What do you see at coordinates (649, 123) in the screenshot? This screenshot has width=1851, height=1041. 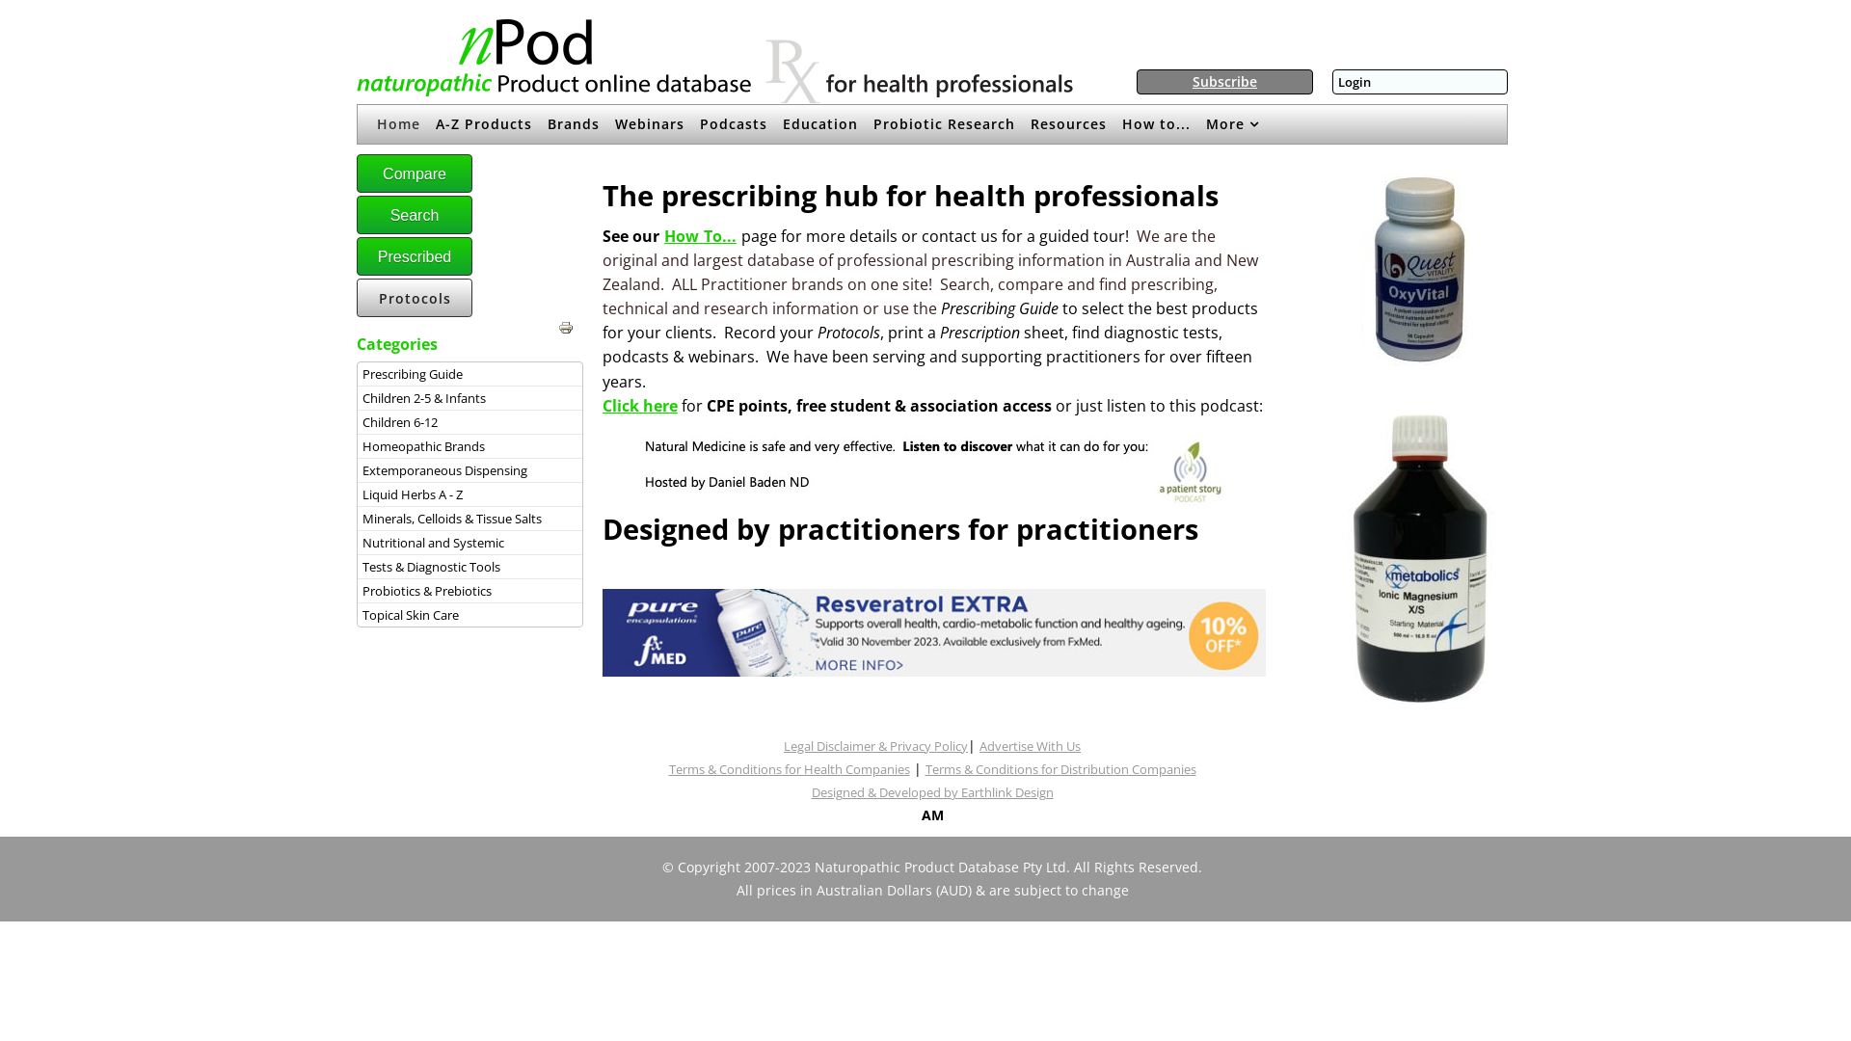 I see `'Webinars'` at bounding box center [649, 123].